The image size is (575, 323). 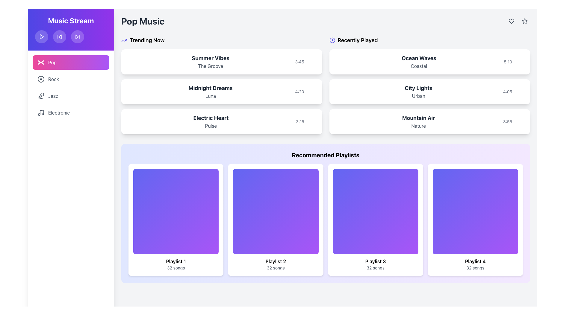 What do you see at coordinates (211, 92) in the screenshot?
I see `titles from the Text block containing 'Midnight Dreams' and subtitle 'Luna', located in the middle of the second row within the 'Trending Now' section` at bounding box center [211, 92].